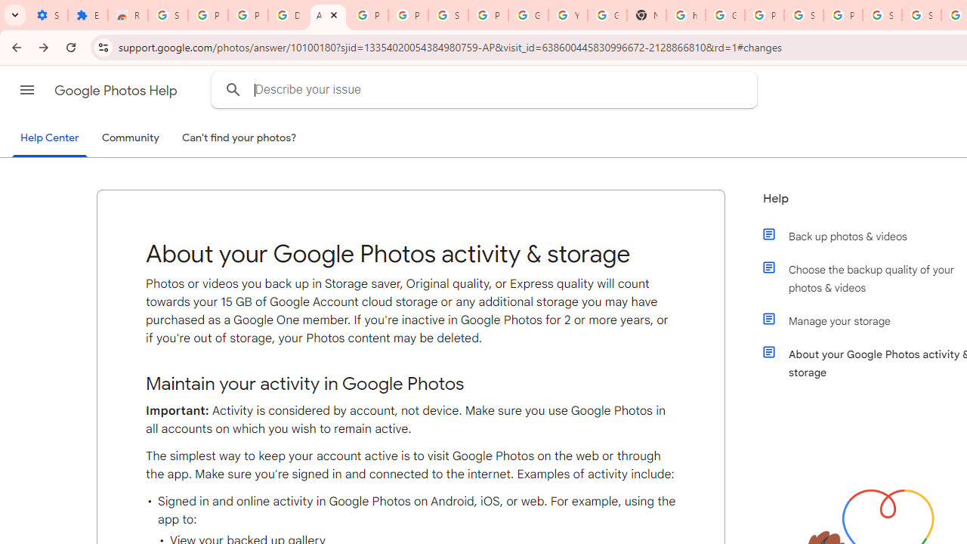 This screenshot has height=544, width=967. I want to click on 'Google Photos Help', so click(116, 90).